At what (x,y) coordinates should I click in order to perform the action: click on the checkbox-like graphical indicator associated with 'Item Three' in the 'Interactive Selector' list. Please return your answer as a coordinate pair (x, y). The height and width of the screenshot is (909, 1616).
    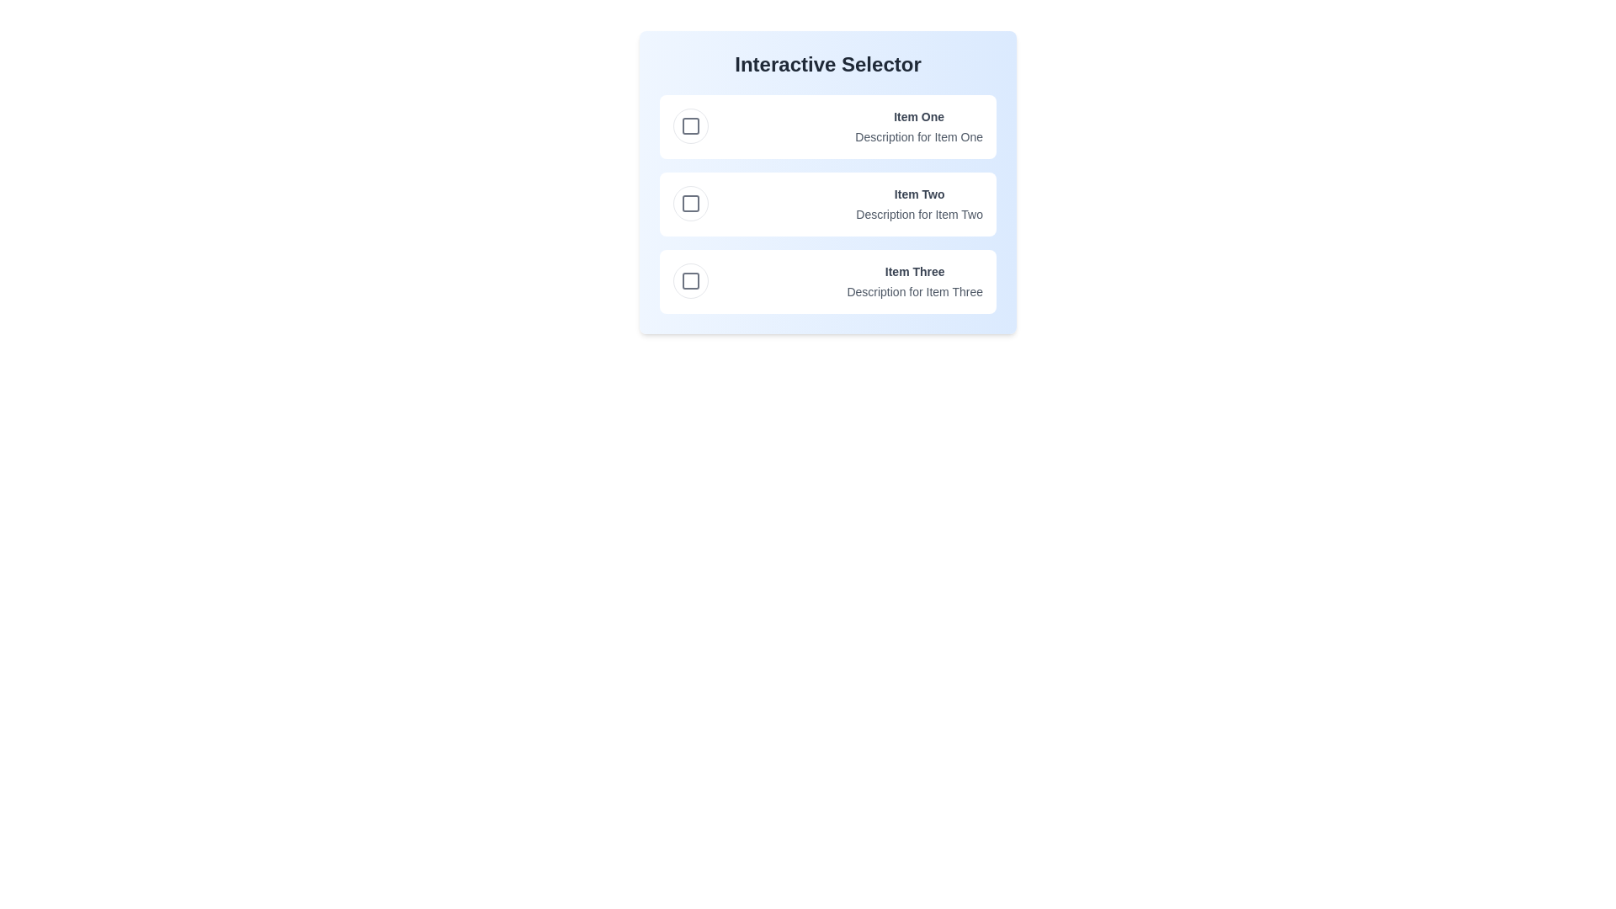
    Looking at the image, I should click on (690, 280).